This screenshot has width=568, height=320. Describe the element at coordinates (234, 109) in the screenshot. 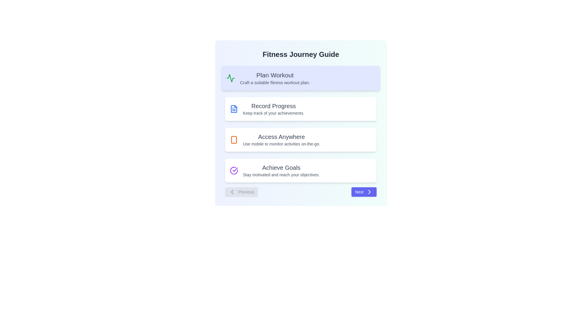

I see `the 'Record Progress' icon located in the second row of icons in the panel, which visually represents the functionality for tracking achievements` at that location.